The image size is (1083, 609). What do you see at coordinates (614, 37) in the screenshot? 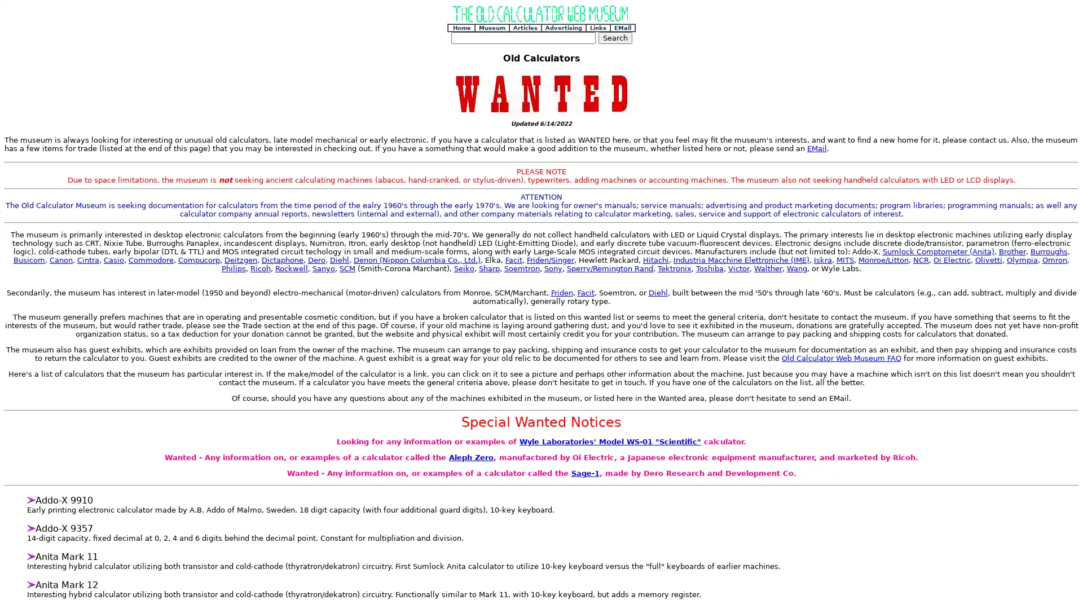
I see `Search` at bounding box center [614, 37].